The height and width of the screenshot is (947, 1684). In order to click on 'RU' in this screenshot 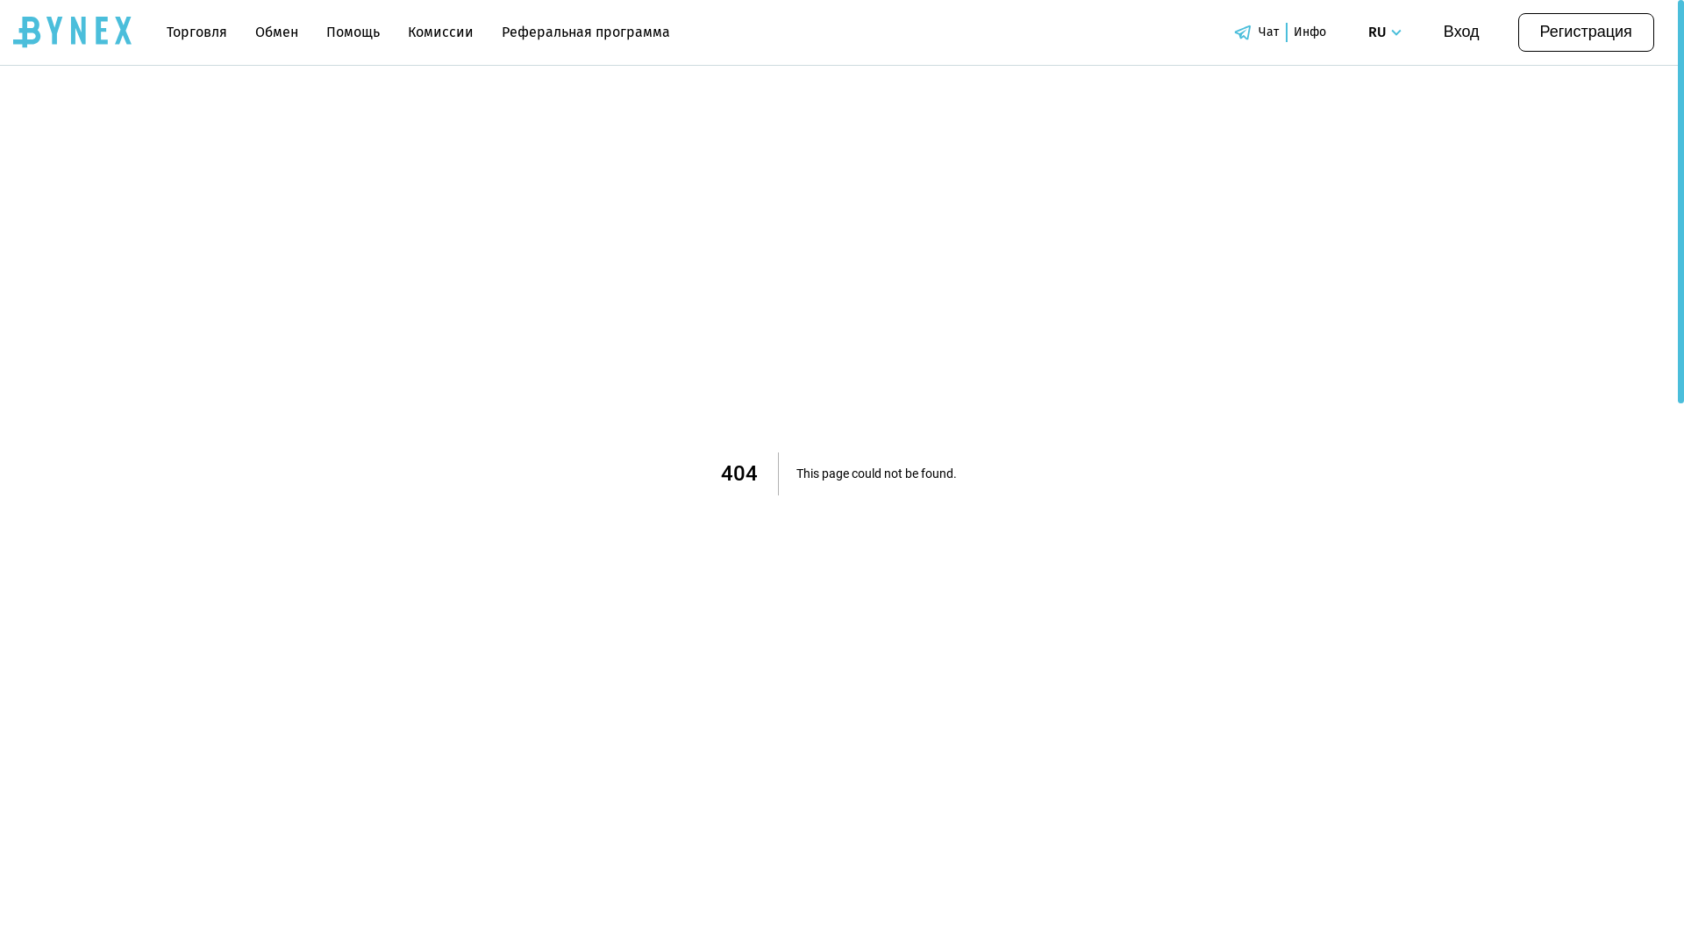, I will do `click(1386, 32)`.